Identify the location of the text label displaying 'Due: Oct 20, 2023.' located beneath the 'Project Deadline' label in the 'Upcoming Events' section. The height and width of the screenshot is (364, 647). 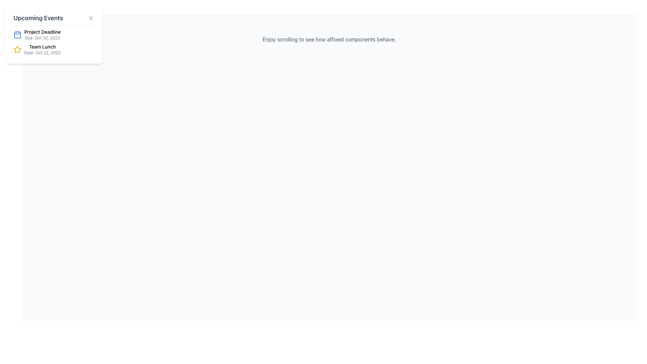
(42, 38).